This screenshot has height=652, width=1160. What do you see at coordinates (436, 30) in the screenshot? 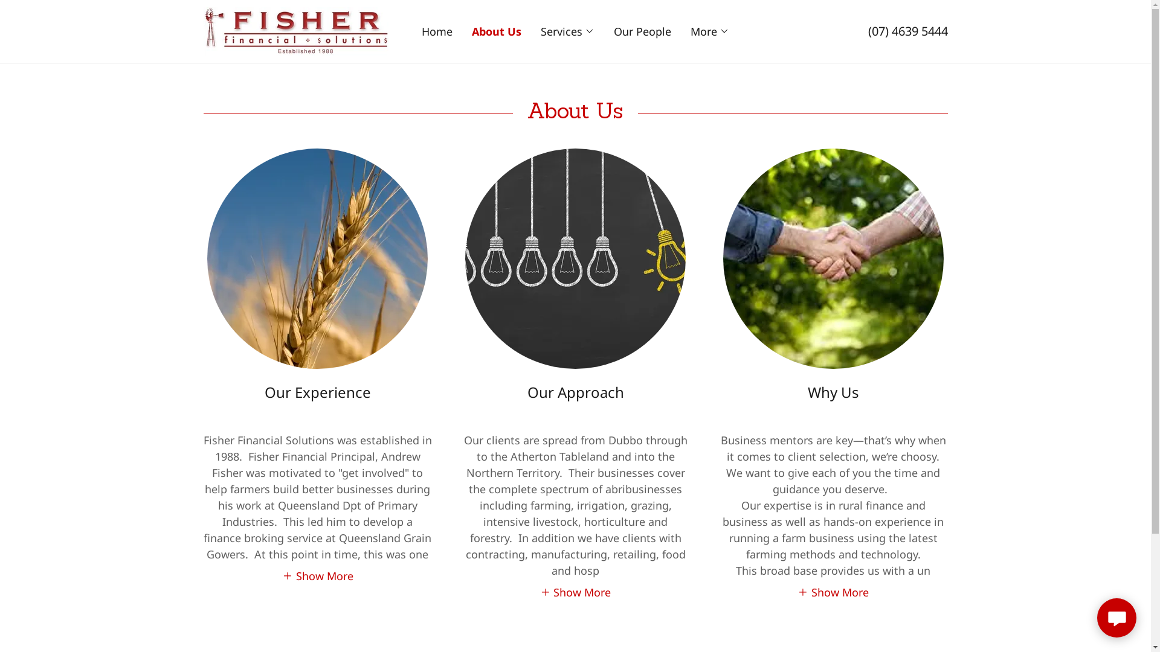
I see `'Home'` at bounding box center [436, 30].